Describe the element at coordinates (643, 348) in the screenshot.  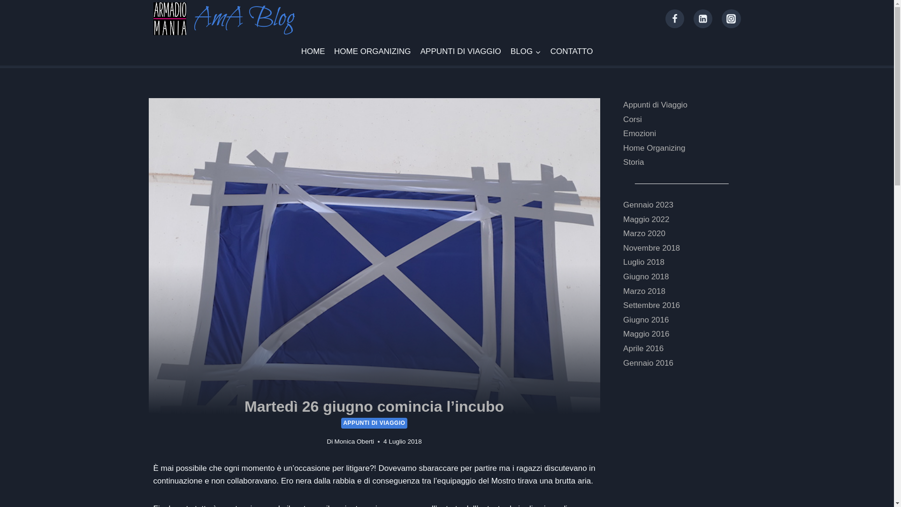
I see `'Aprile 2016'` at that location.